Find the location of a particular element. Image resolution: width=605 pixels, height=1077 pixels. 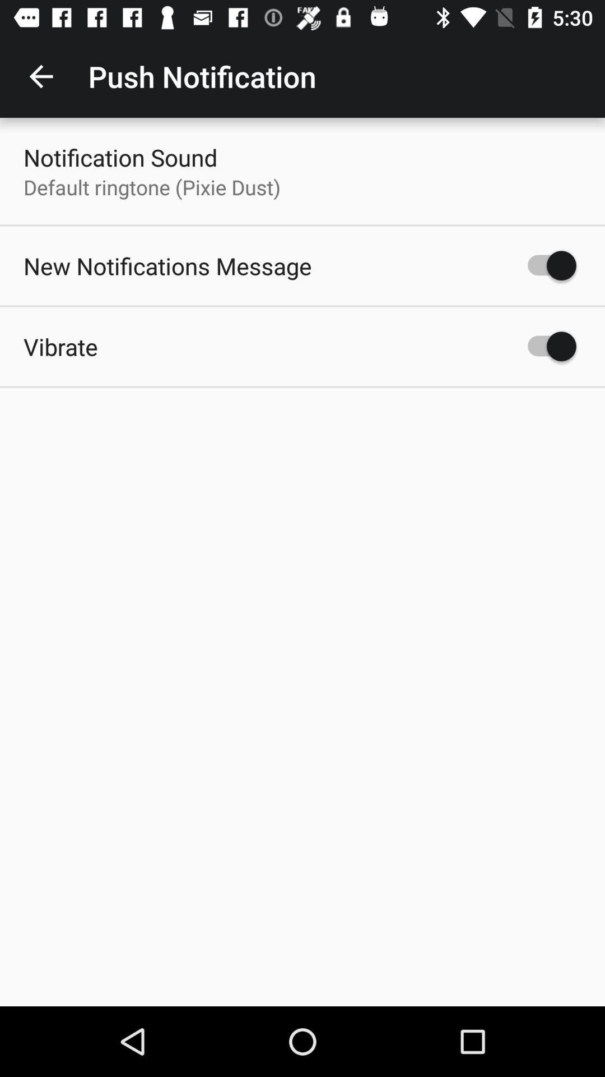

item above new notifications message icon is located at coordinates (152, 187).